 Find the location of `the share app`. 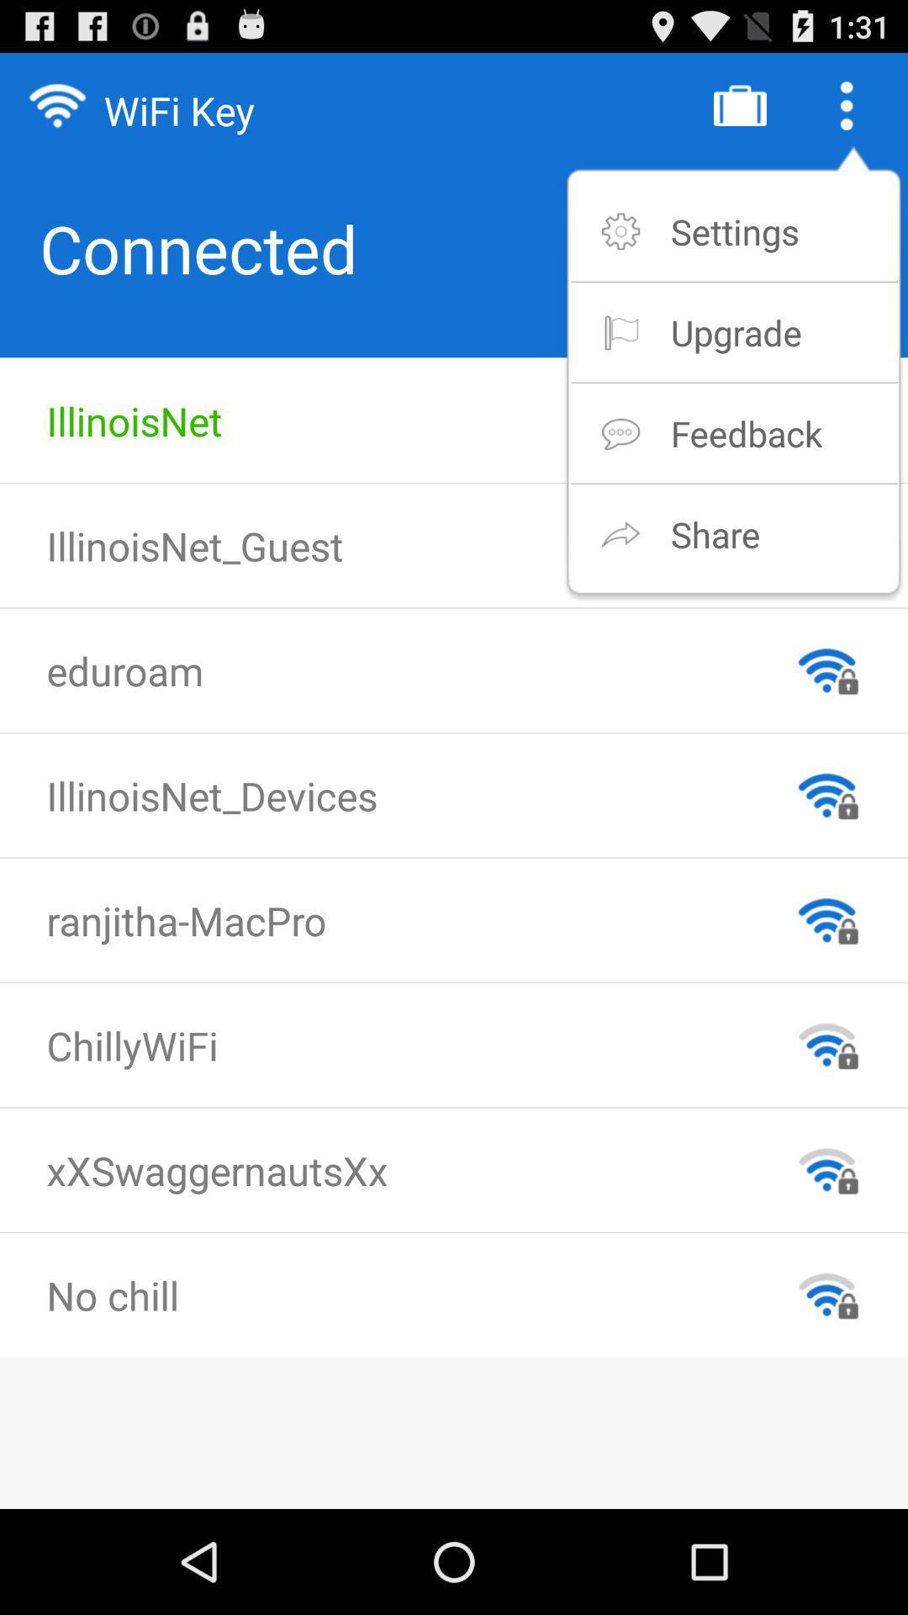

the share app is located at coordinates (715, 533).